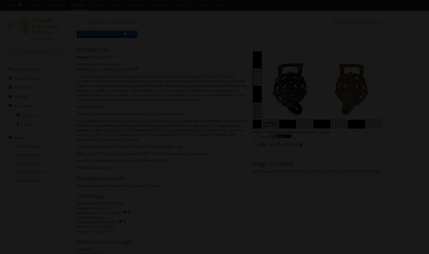 The height and width of the screenshot is (254, 429). What do you see at coordinates (21, 124) in the screenshot?
I see `'Rallies'` at bounding box center [21, 124].